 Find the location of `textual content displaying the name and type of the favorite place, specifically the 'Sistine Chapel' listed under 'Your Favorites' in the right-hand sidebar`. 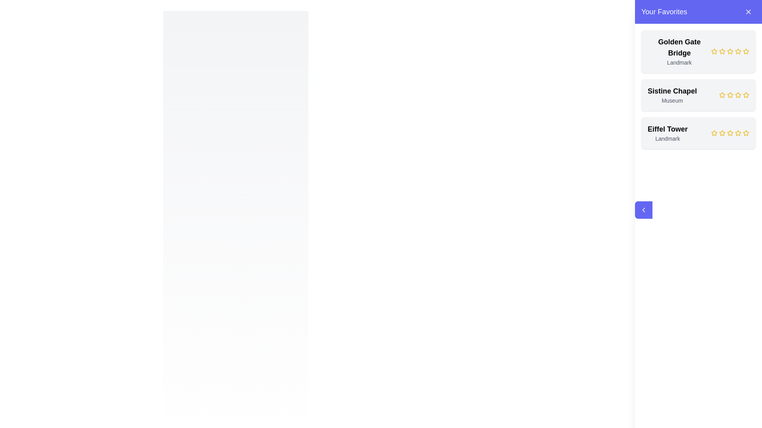

textual content displaying the name and type of the favorite place, specifically the 'Sistine Chapel' listed under 'Your Favorites' in the right-hand sidebar is located at coordinates (672, 94).